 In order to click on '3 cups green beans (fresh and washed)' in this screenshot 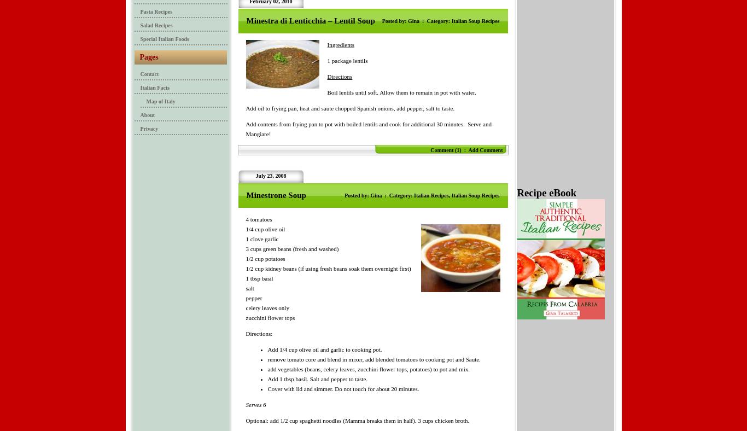, I will do `click(291, 248)`.